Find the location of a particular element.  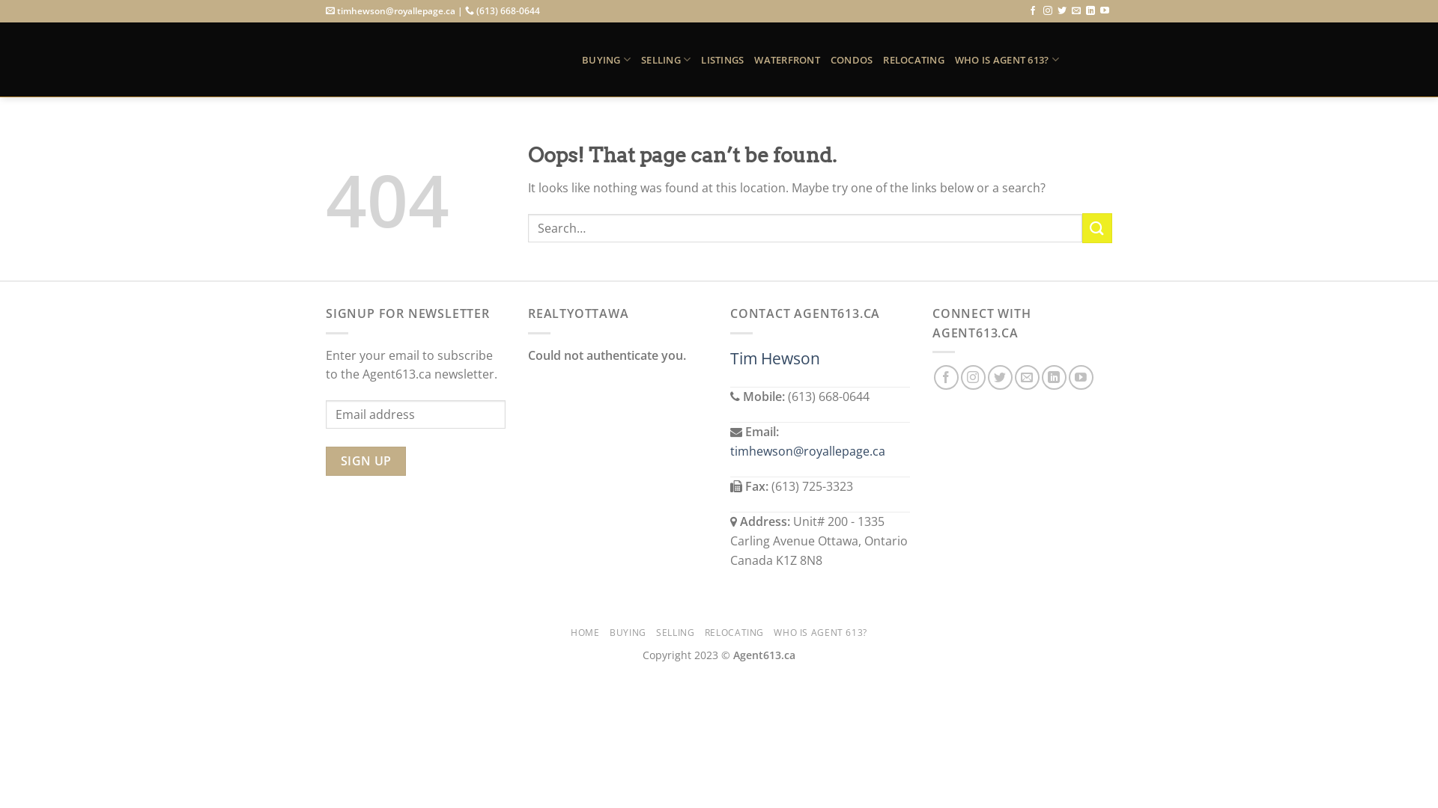

'Follow on LinkedIn' is located at coordinates (1090, 11).